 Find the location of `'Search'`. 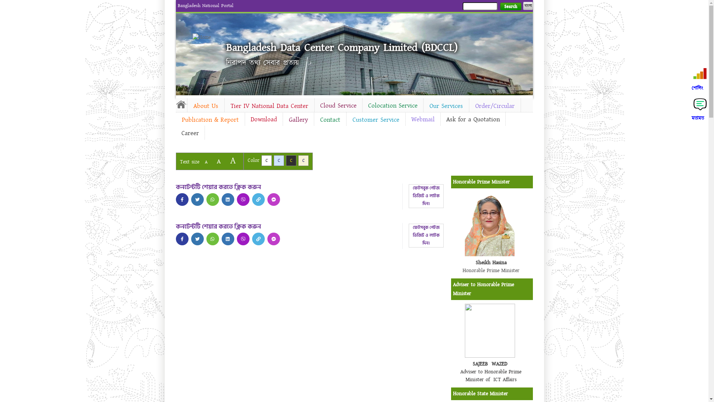

'Search' is located at coordinates (510, 6).